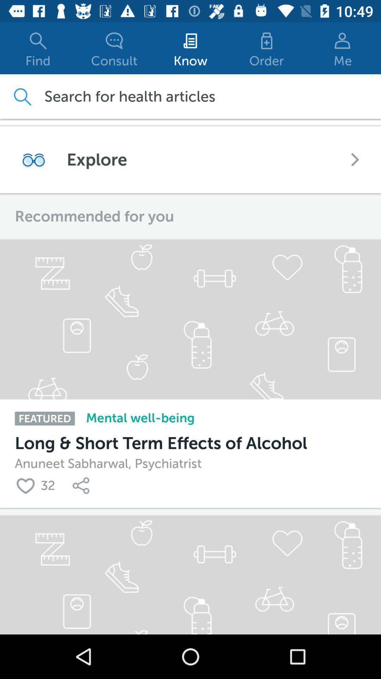 The image size is (381, 679). Describe the element at coordinates (27, 485) in the screenshot. I see `this article` at that location.